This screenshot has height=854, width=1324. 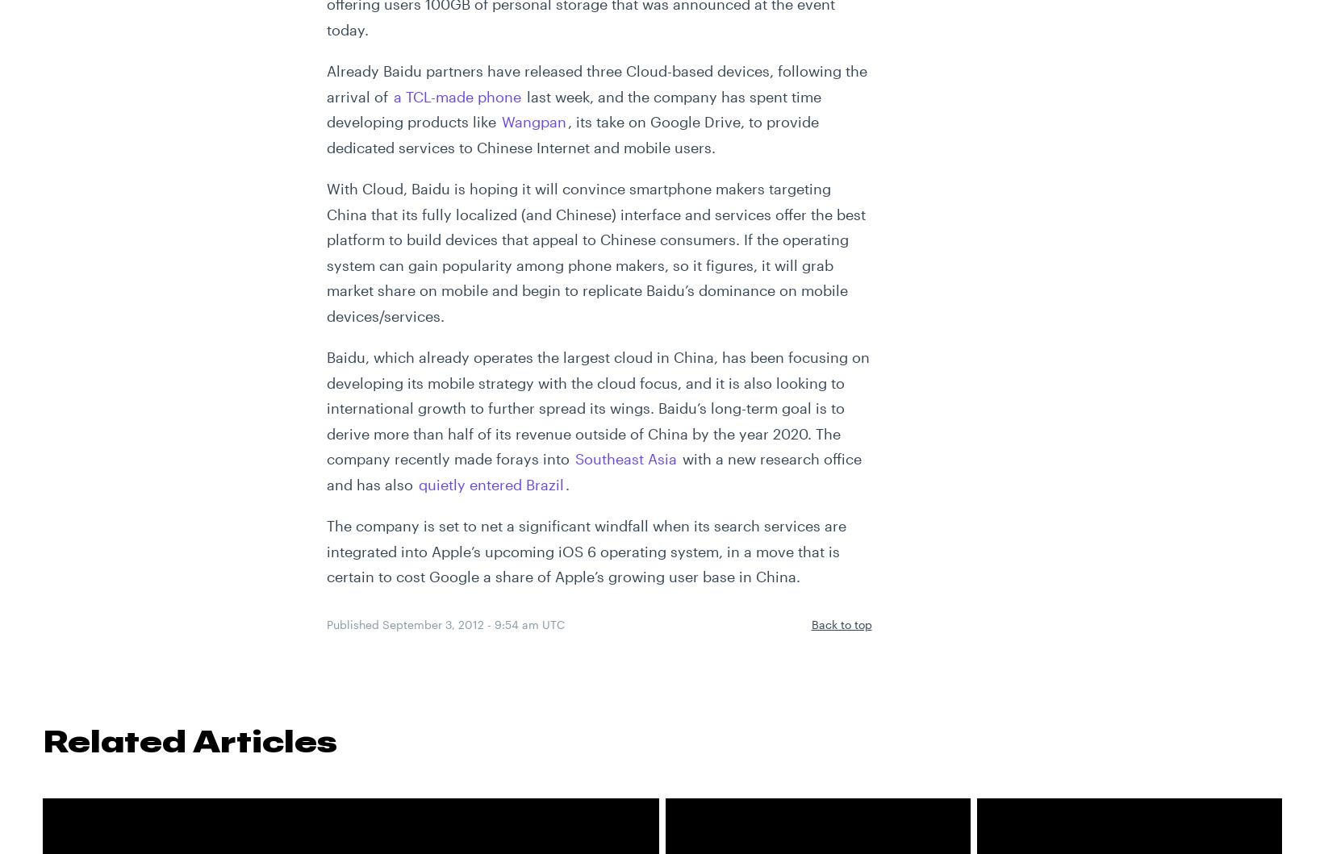 What do you see at coordinates (472, 623) in the screenshot?
I see `'September 3, 2012 - 9:54 am UTC'` at bounding box center [472, 623].